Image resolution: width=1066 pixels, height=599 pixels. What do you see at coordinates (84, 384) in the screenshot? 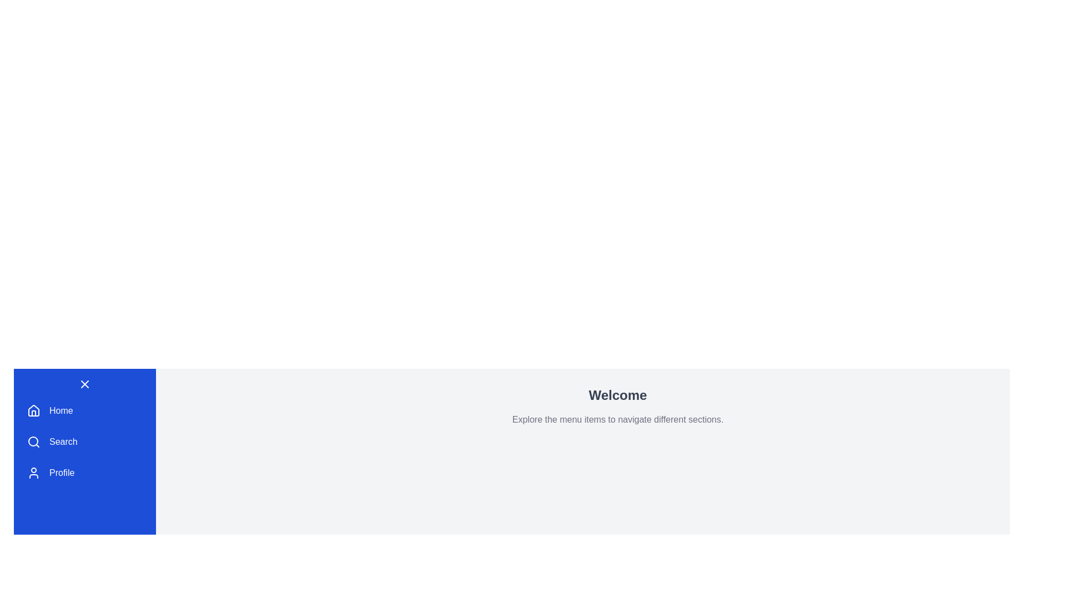
I see `toggle button to toggle the menu visibility` at bounding box center [84, 384].